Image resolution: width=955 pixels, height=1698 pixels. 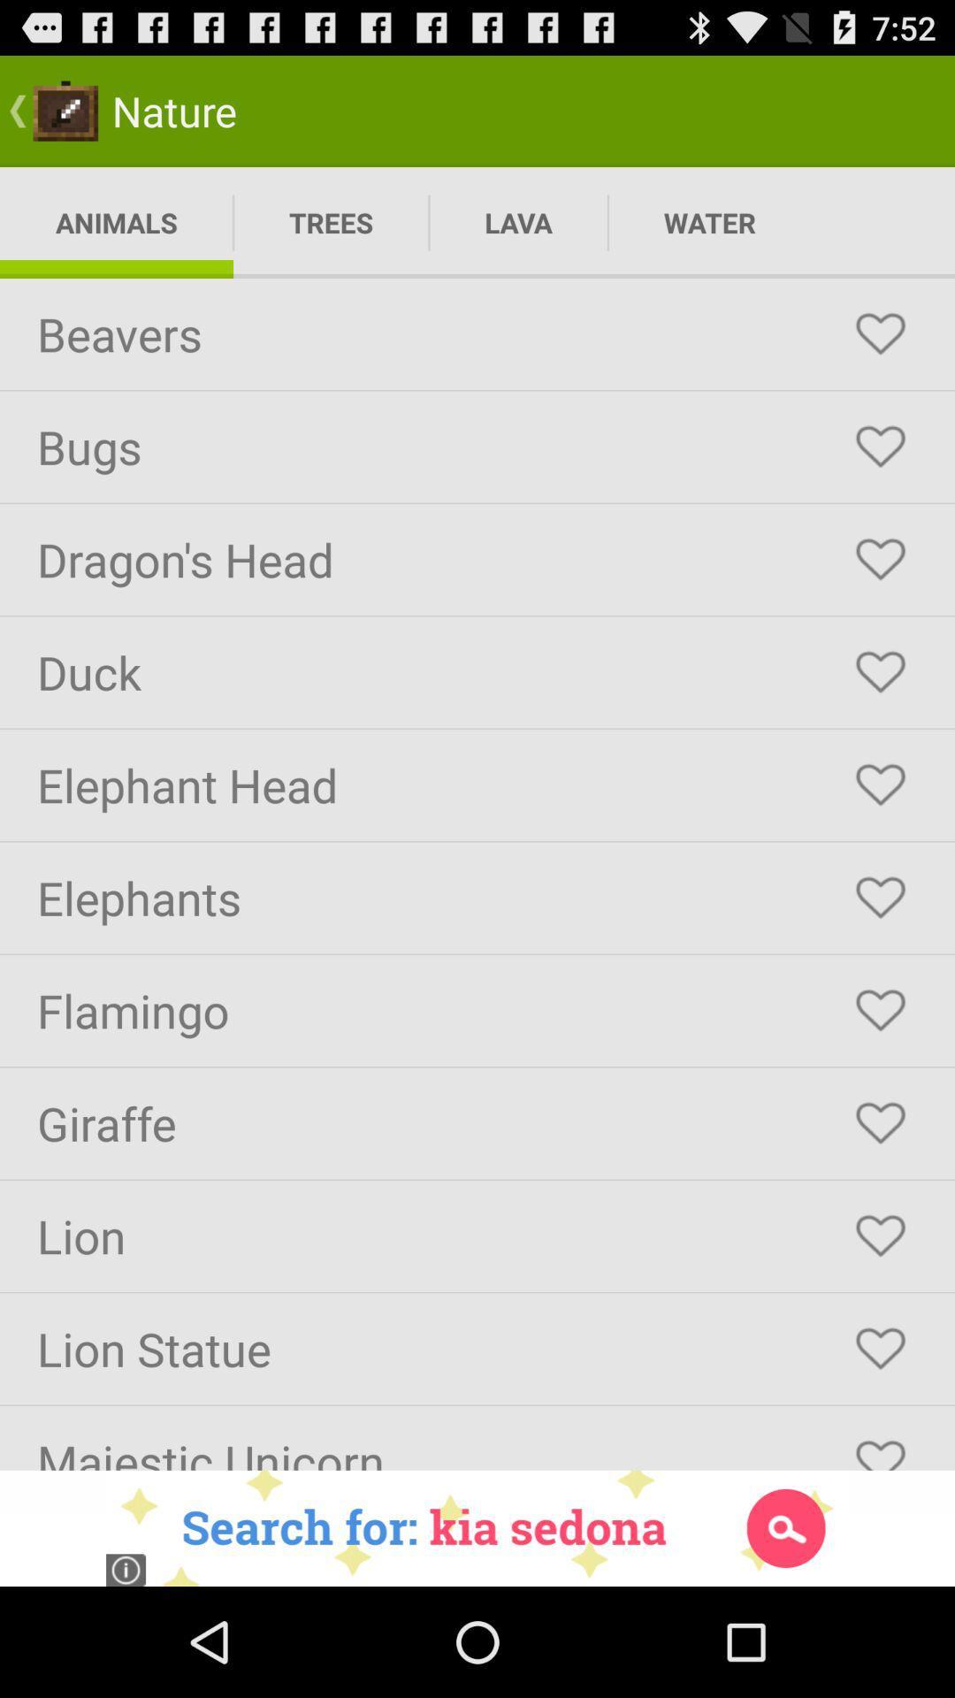 I want to click on like button, so click(x=880, y=1010).